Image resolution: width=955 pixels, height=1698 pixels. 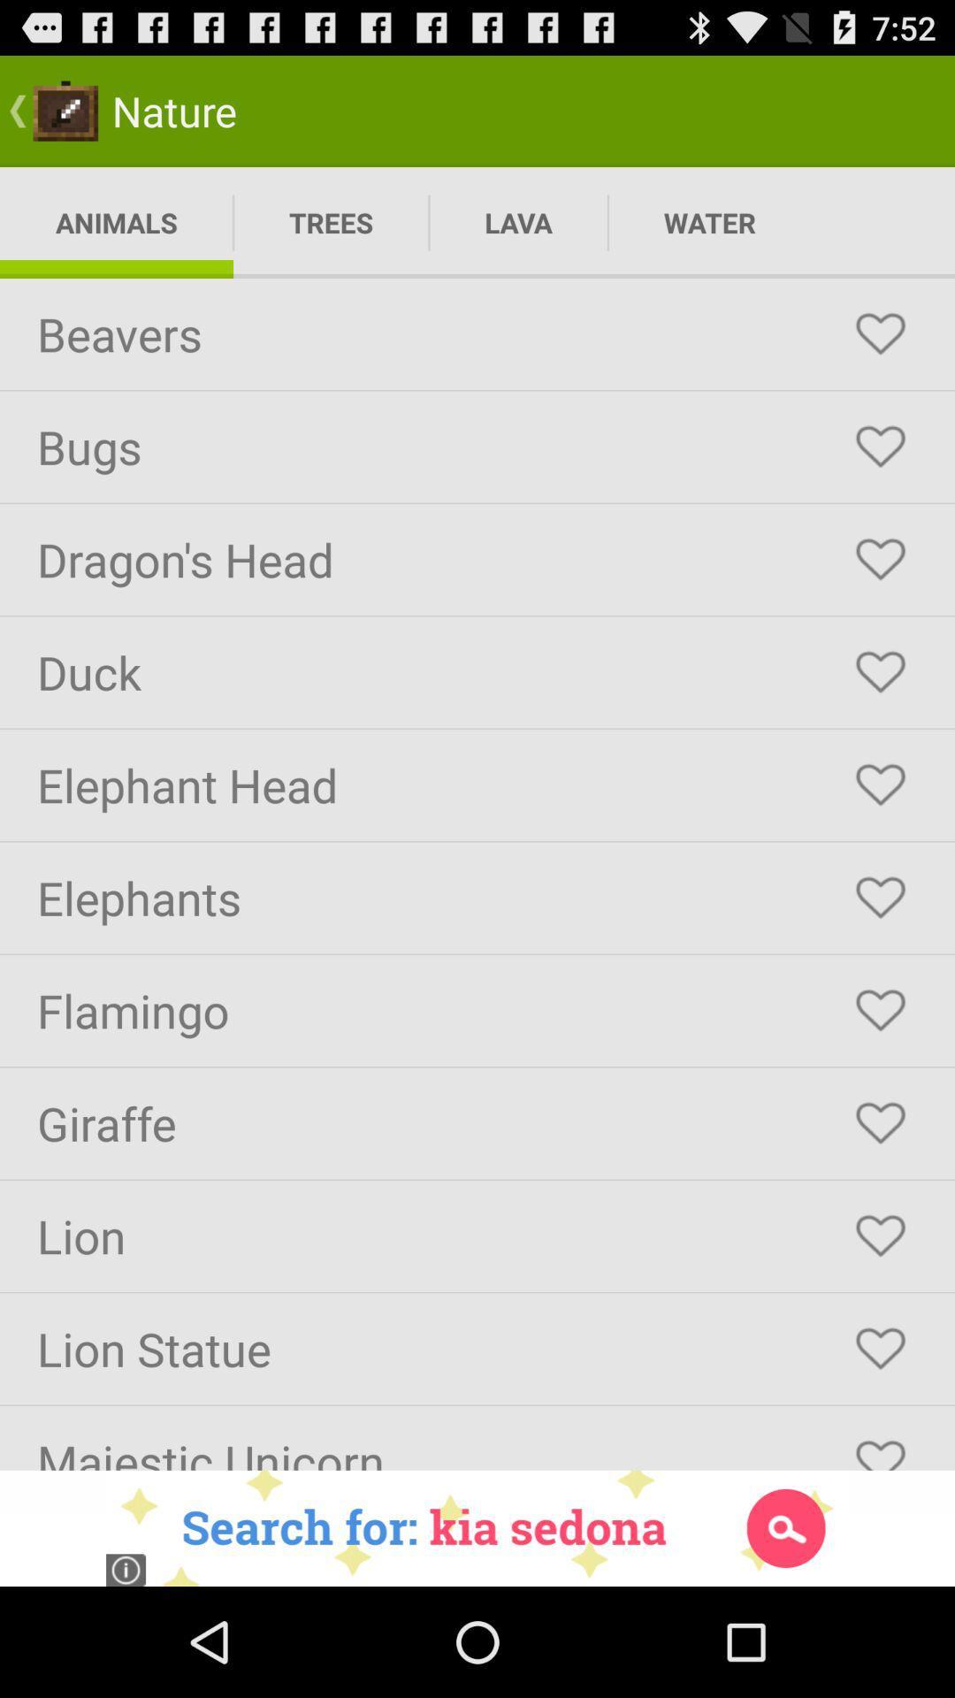 I want to click on like button, so click(x=880, y=1010).